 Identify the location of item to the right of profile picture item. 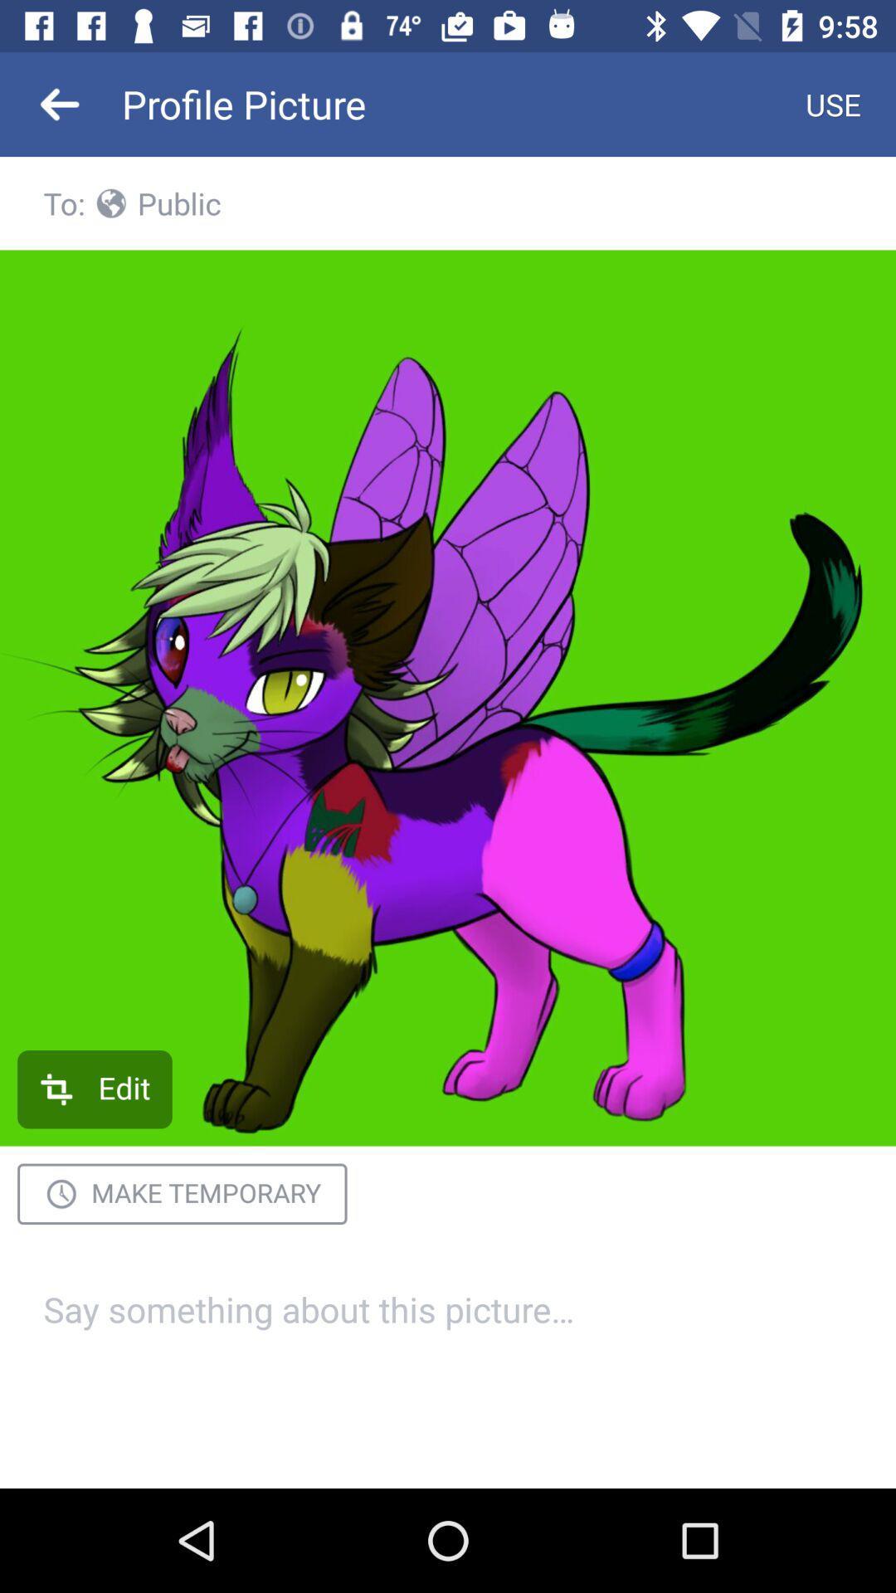
(833, 103).